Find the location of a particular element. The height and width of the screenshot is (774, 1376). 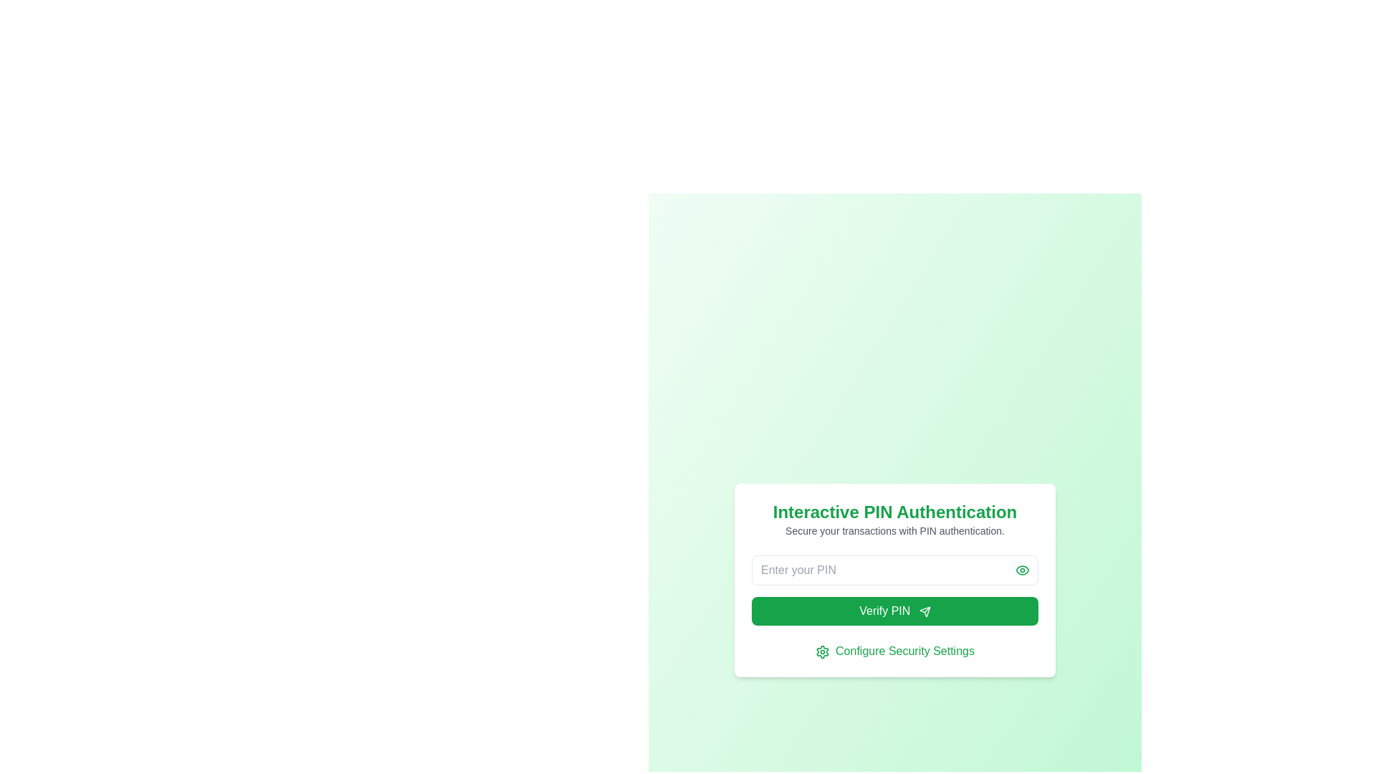

the submit button positioned below the 'Enter your PIN' text field to experience the hover effect is located at coordinates (894, 611).